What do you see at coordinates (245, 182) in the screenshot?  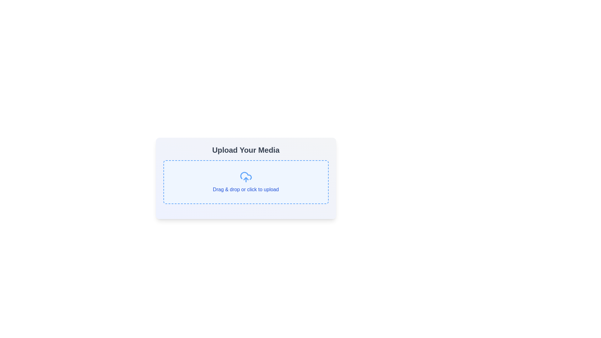 I see `and drop files into the blue-bordered file upload area with dashed lines and a light blue background, which contains a cloud upload icon and the text 'Drag & drop or click` at bounding box center [245, 182].